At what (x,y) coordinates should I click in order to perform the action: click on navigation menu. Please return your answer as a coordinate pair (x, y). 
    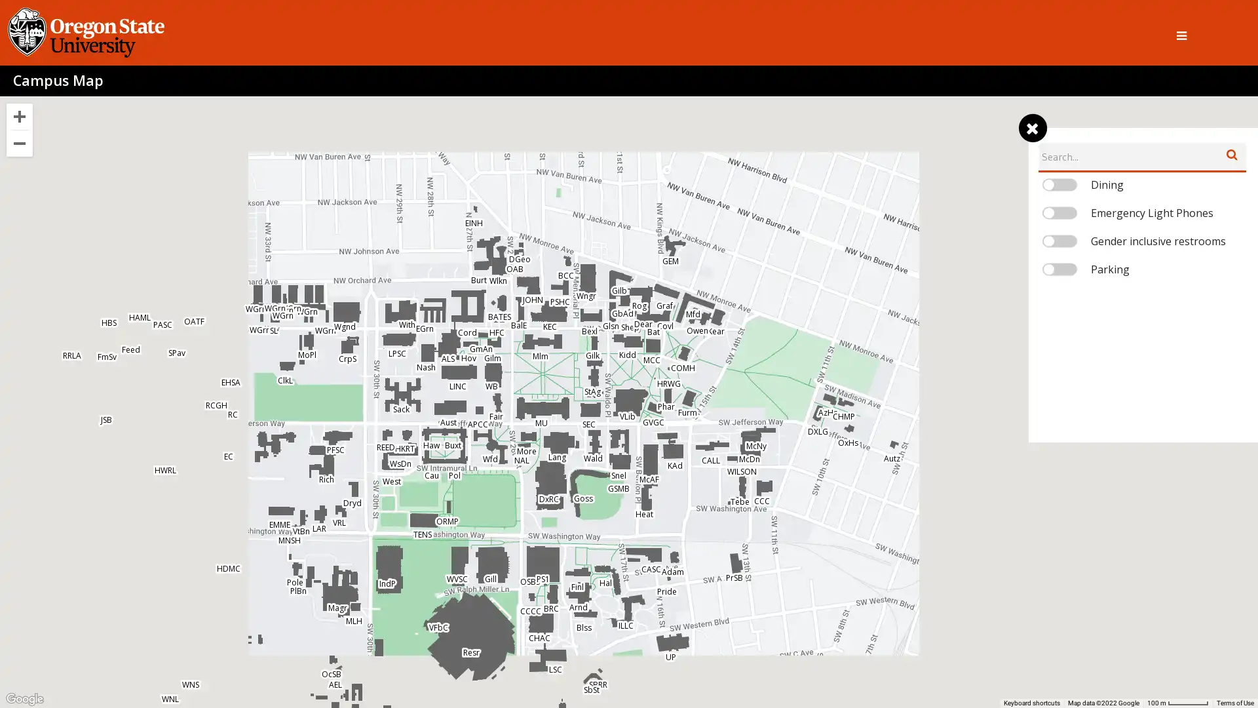
    Looking at the image, I should click on (1031, 128).